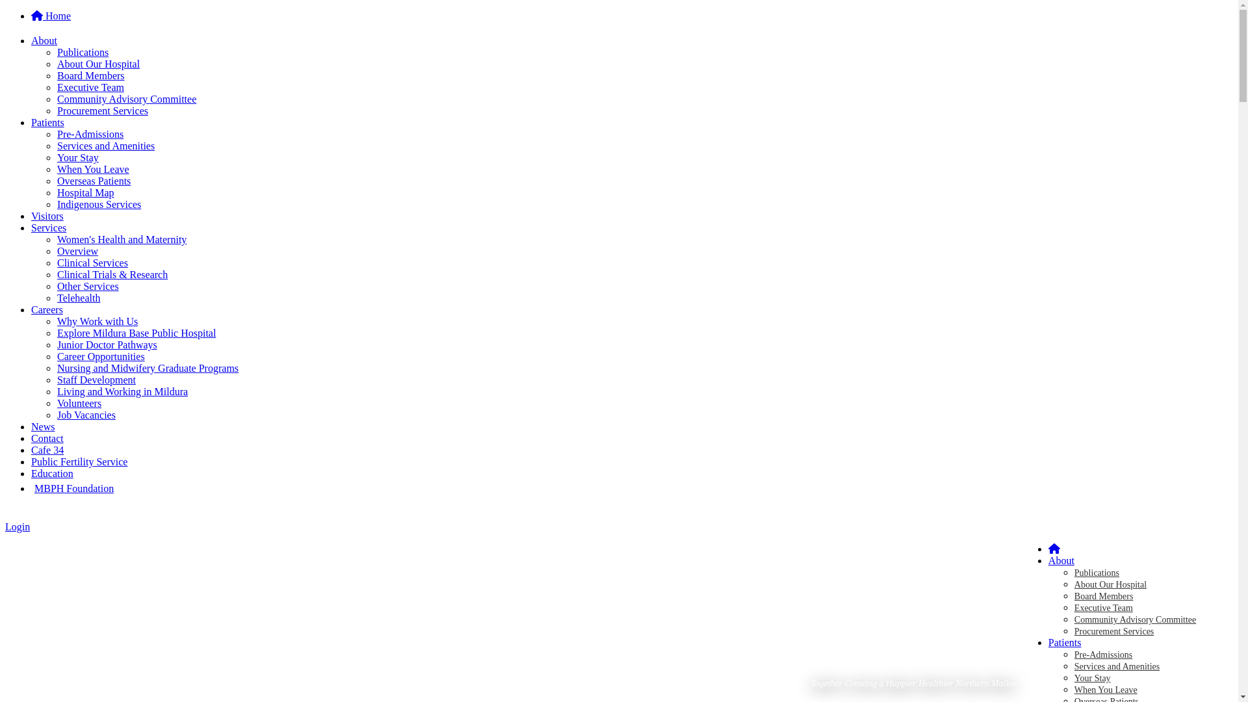 This screenshot has height=702, width=1248. Describe the element at coordinates (47, 122) in the screenshot. I see `'Patients'` at that location.